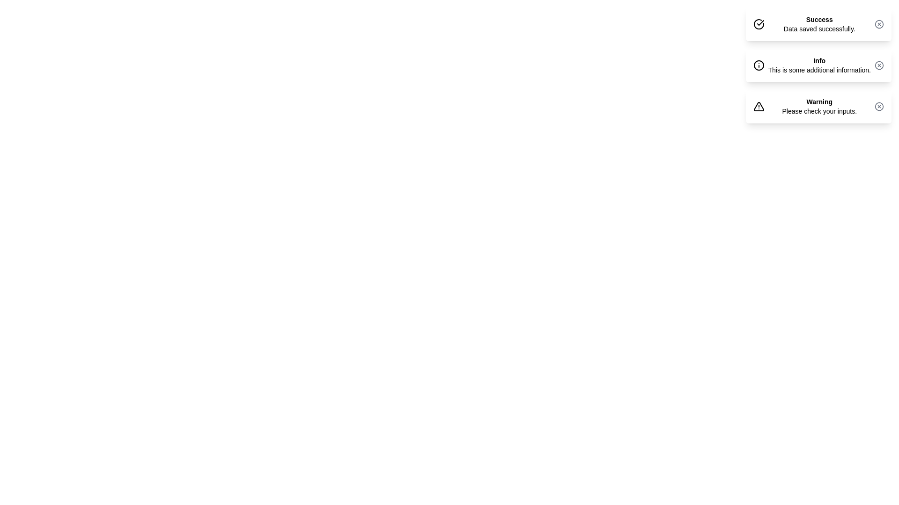 The image size is (899, 505). Describe the element at coordinates (878, 106) in the screenshot. I see `the SVG circle element located at the bottom-right of the notice panel, characterized by its circular shape and stroke outline, as it plays its role as part of the icon` at that location.